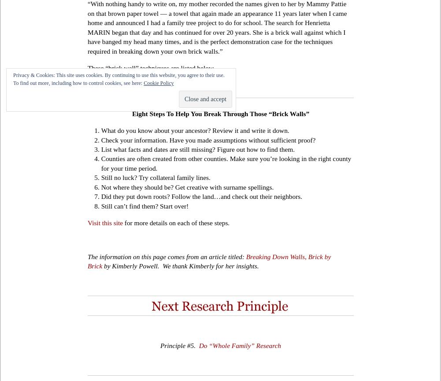  What do you see at coordinates (151, 68) in the screenshot?
I see `'These “brick wall” techniques are listed below.'` at bounding box center [151, 68].